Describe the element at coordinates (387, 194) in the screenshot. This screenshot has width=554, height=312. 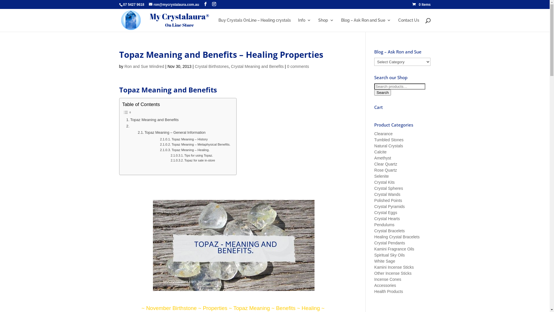
I see `'Crystal Wands'` at that location.